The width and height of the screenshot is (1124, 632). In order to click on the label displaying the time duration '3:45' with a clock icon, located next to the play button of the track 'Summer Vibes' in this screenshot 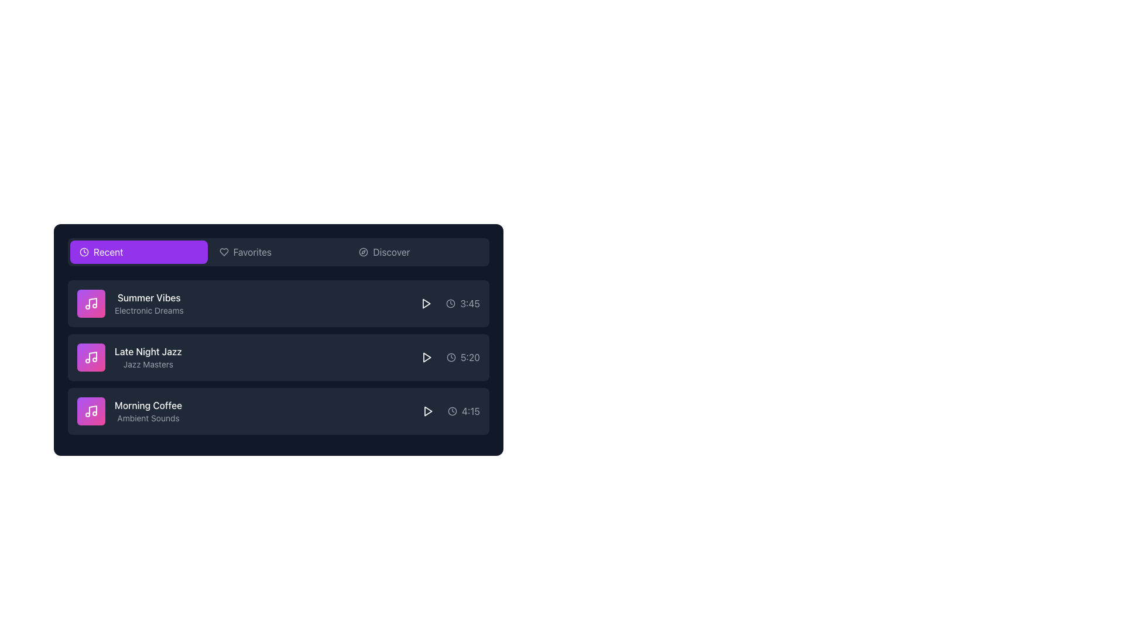, I will do `click(447, 303)`.